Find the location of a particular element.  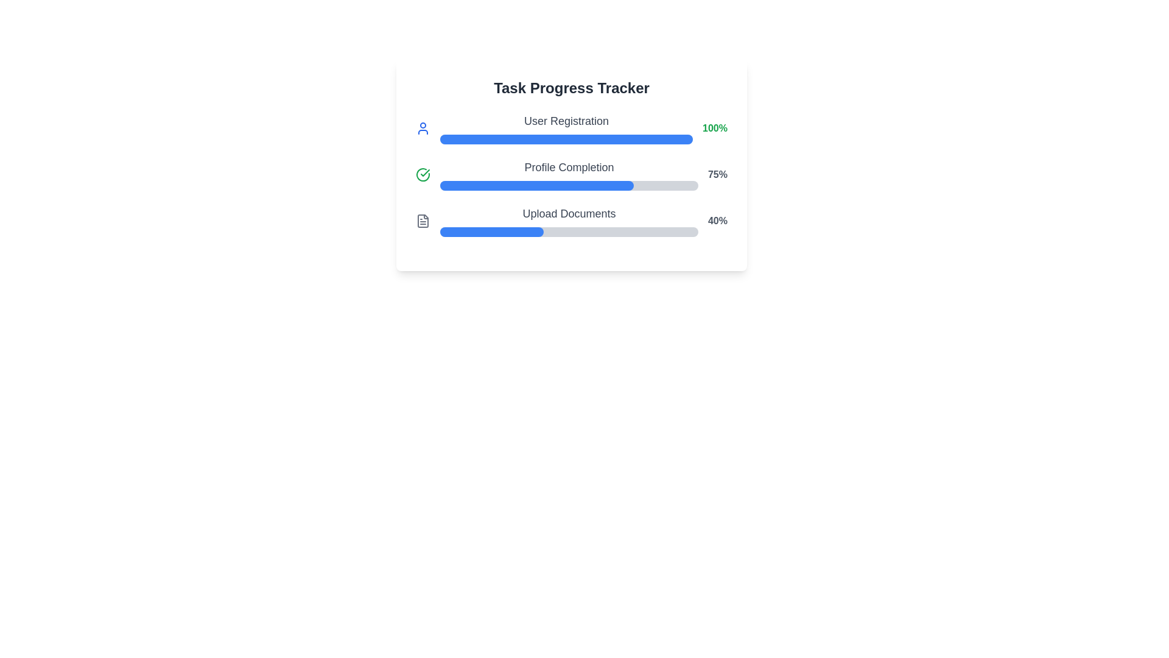

text label 'Profile Completion' of the Progress Tracker, which indicates the user's profile completion status is located at coordinates (569, 174).